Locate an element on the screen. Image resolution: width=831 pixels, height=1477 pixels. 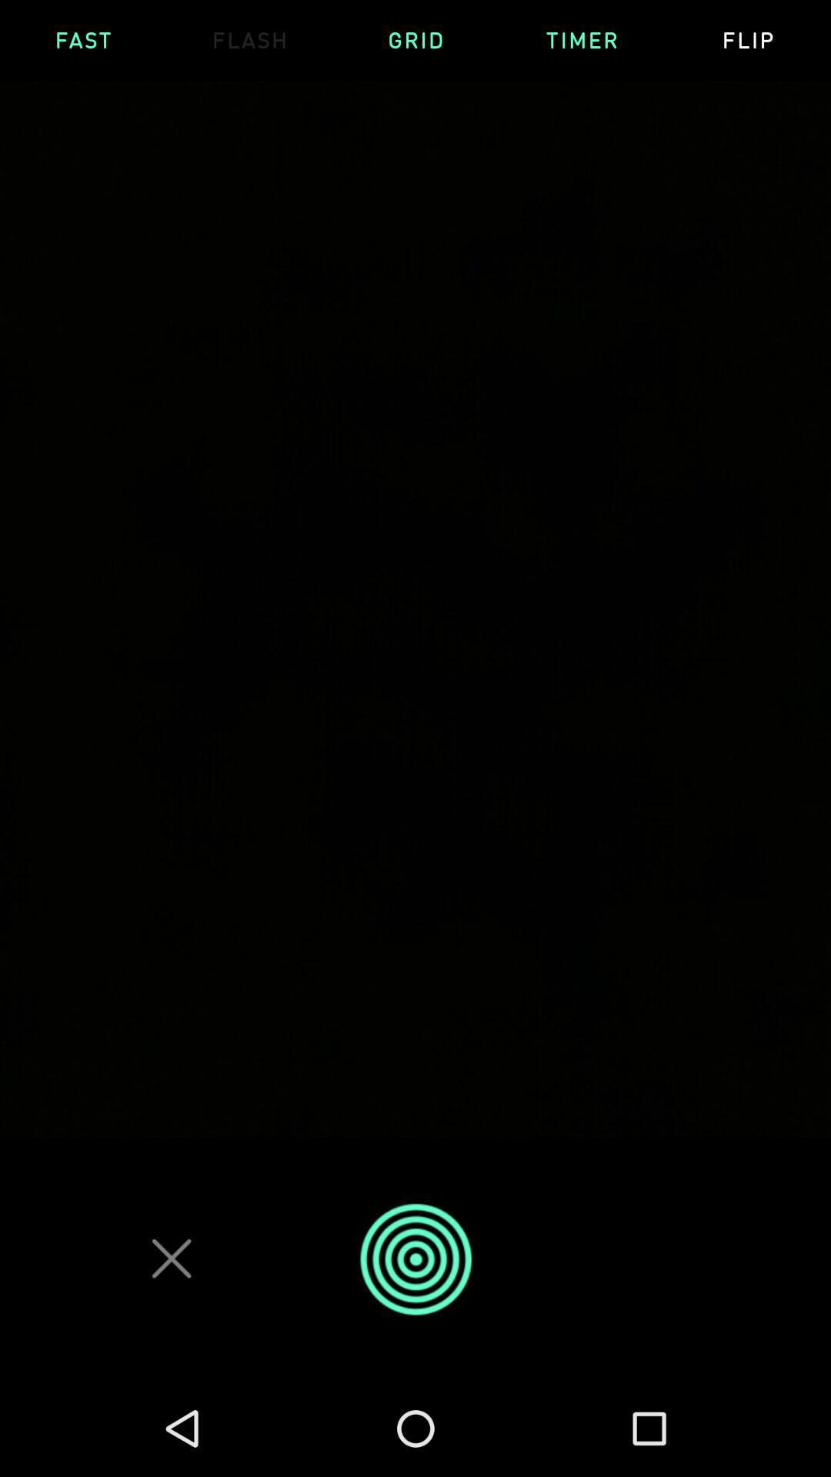
the close icon is located at coordinates (172, 1259).